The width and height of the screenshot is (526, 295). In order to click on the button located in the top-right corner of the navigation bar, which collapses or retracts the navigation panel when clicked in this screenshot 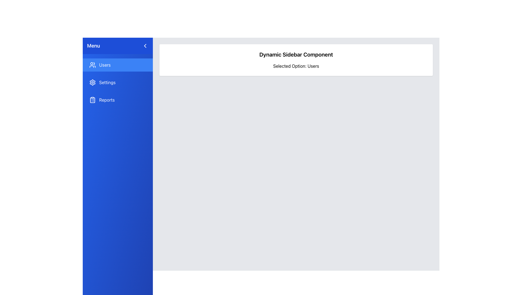, I will do `click(145, 46)`.